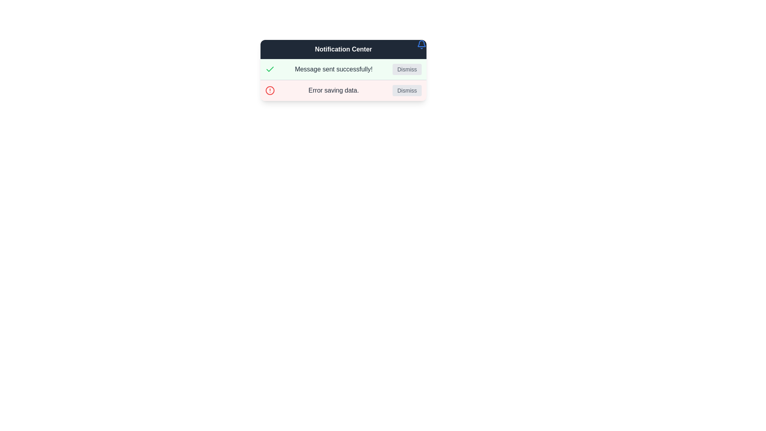 This screenshot has height=431, width=766. I want to click on the success icon that indicates a successful operation, located to the far left of the message 'Message sent successfully!', so click(270, 69).